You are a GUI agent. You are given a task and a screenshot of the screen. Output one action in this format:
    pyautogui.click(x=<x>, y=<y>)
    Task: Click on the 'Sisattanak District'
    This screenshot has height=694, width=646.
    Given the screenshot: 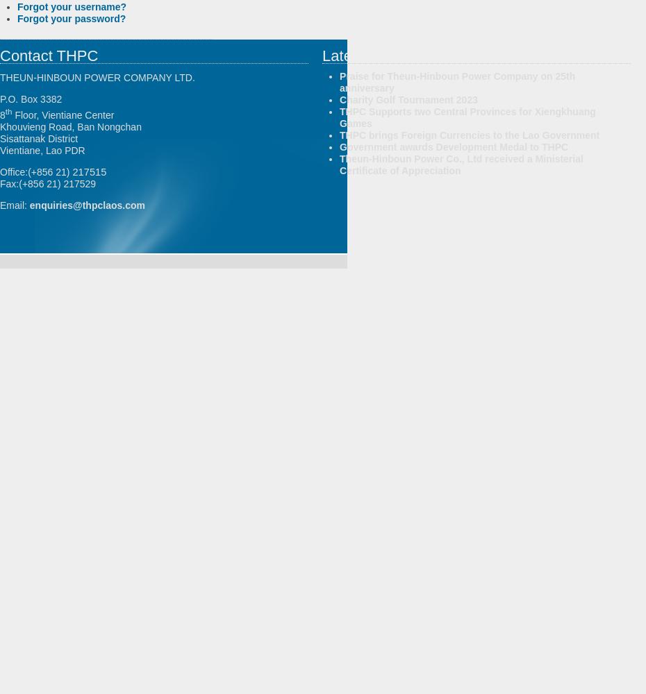 What is the action you would take?
    pyautogui.click(x=0, y=137)
    